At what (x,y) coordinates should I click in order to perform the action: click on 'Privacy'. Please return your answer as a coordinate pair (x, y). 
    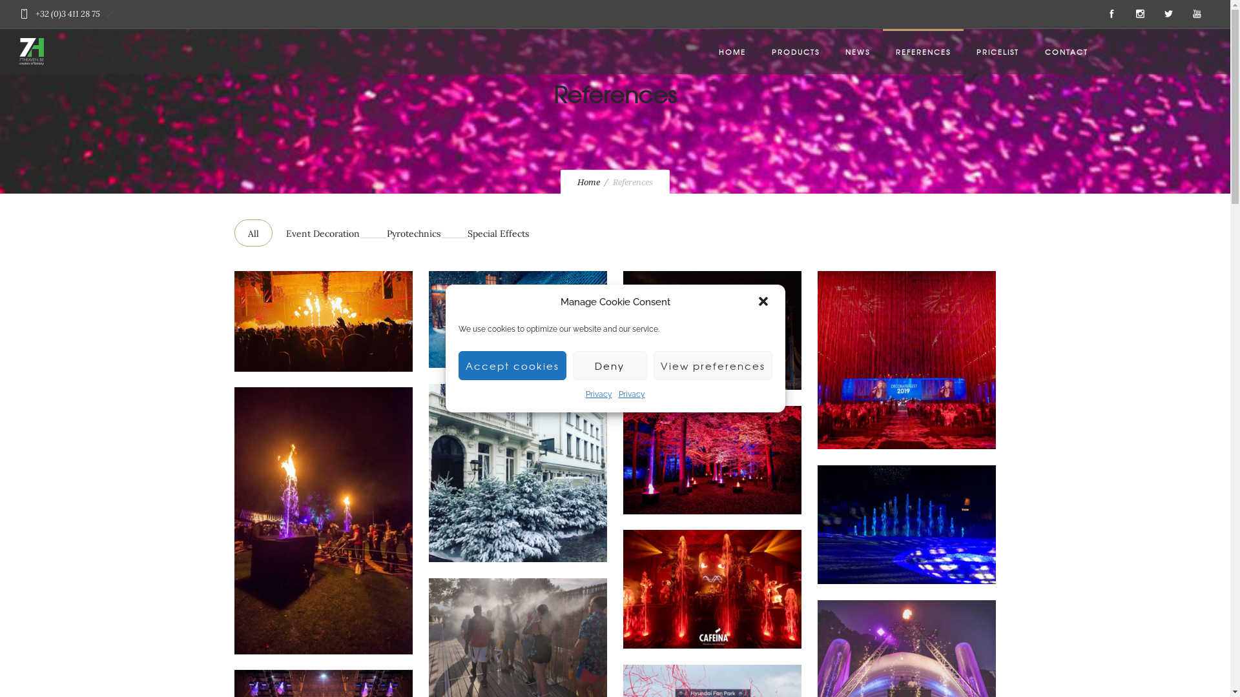
    Looking at the image, I should click on (597, 394).